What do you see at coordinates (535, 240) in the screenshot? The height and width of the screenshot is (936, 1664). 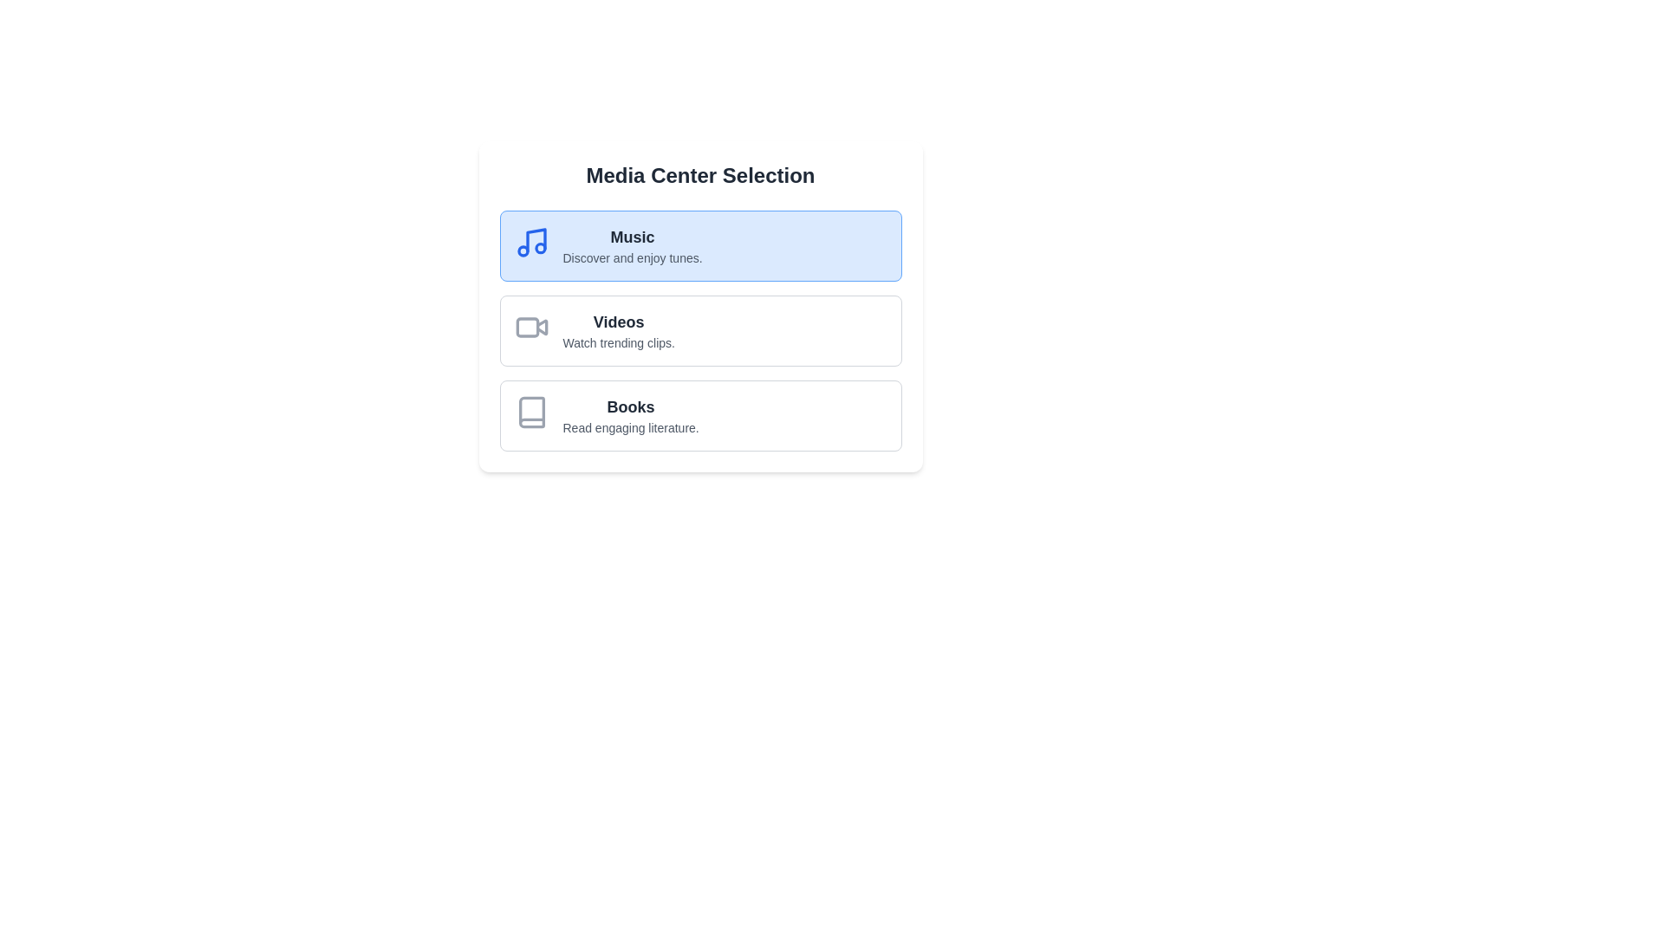 I see `the musical note icon located in the 'Music' section` at bounding box center [535, 240].